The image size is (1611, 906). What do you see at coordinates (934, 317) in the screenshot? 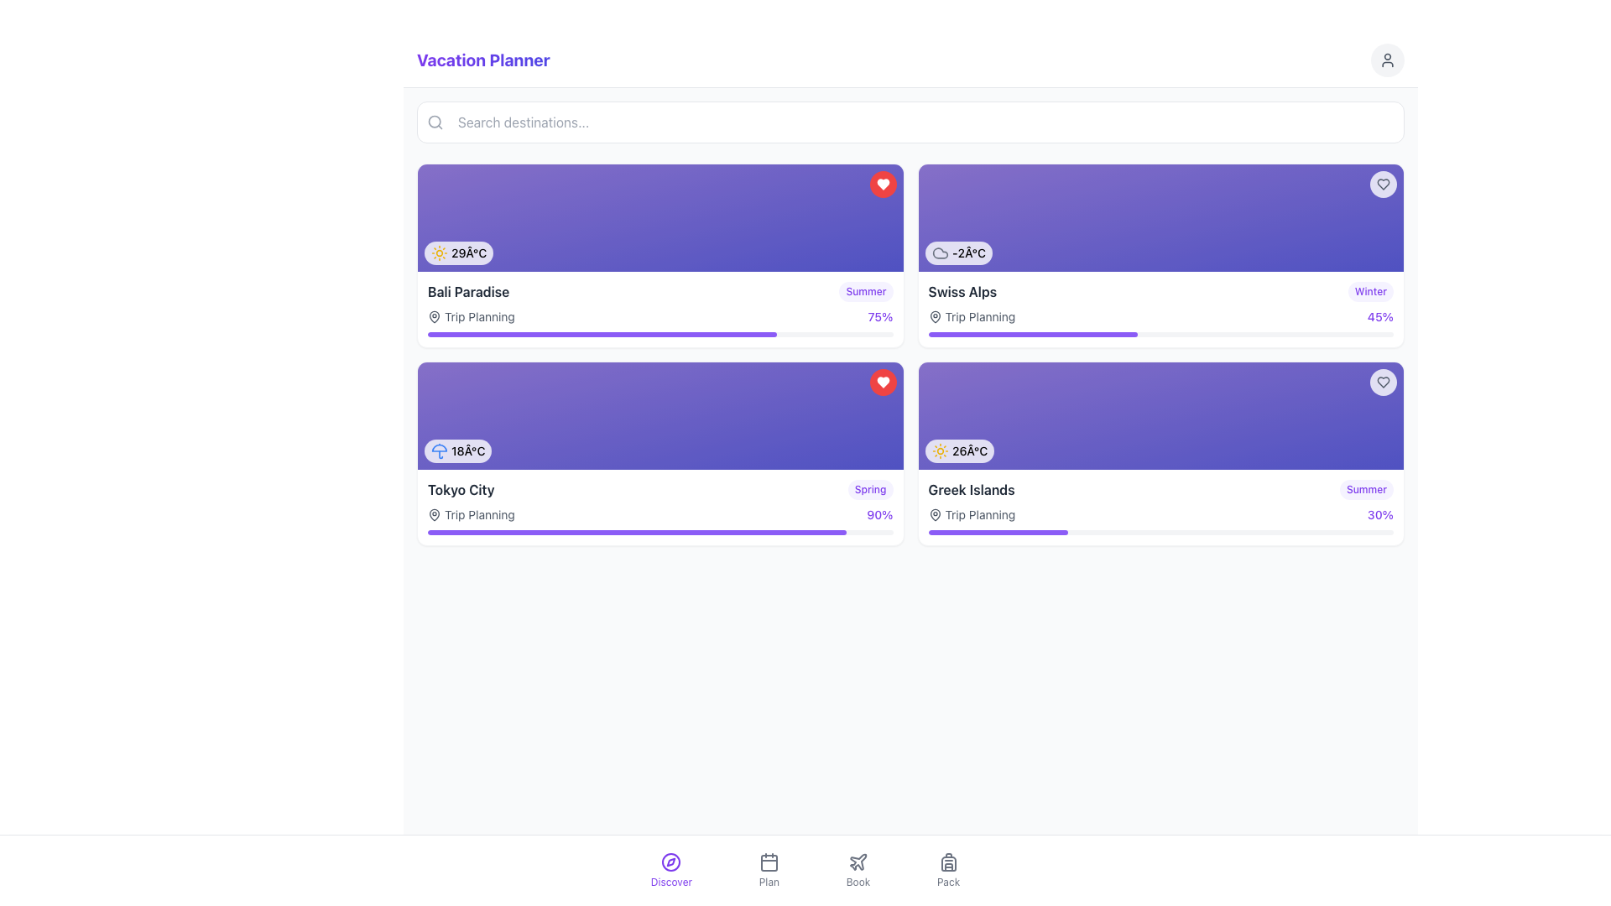
I see `the map marker icon, which is a teardrop-shaped icon with a dark outline located below the weather information in the 'Swiss Alps' card` at bounding box center [934, 317].